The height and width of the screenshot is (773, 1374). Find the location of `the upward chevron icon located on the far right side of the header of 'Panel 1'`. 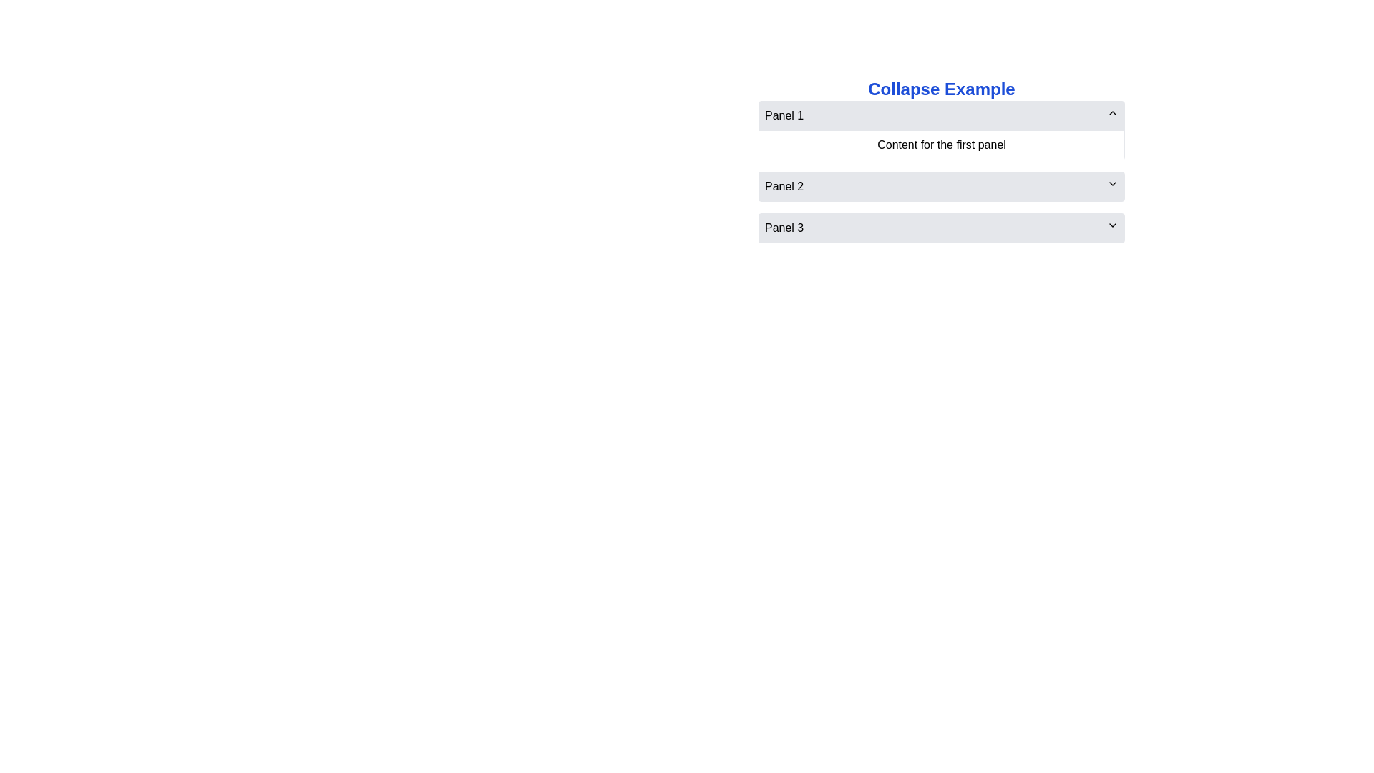

the upward chevron icon located on the far right side of the header of 'Panel 1' is located at coordinates (1112, 112).